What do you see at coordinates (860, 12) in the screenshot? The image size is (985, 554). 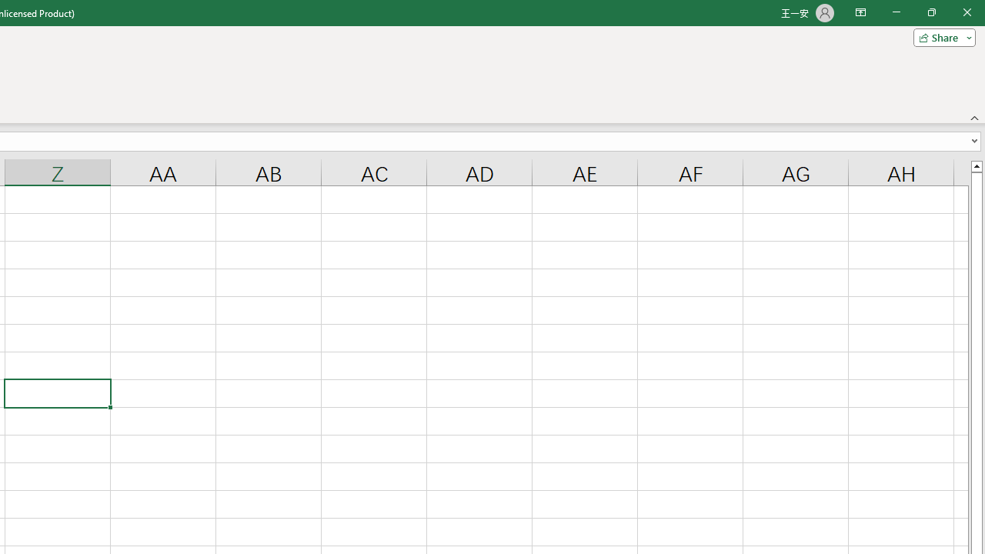 I see `'Ribbon Display Options'` at bounding box center [860, 12].